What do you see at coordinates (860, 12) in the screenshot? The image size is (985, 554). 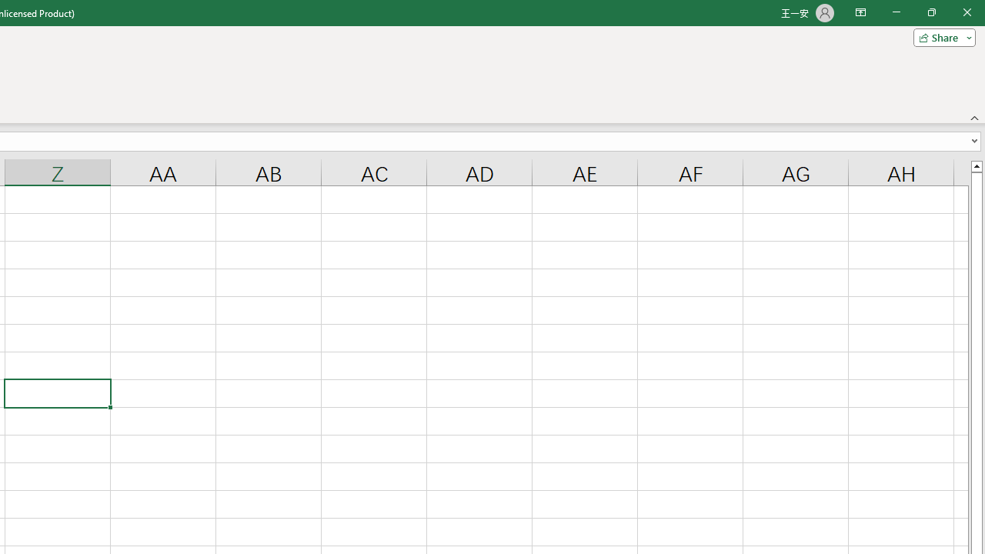 I see `'Ribbon Display Options'` at bounding box center [860, 12].